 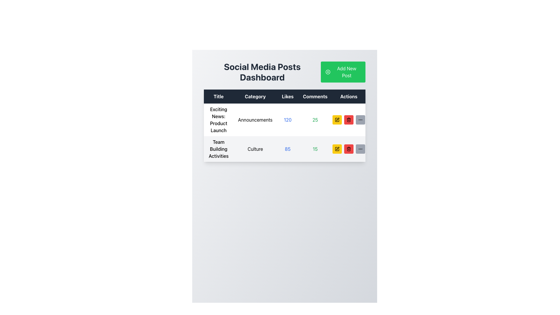 I want to click on the numerical value '25' styled in green font color within the 'Comments' column of the first row in the 'Social Media Posts Dashboard' table, so click(x=315, y=120).